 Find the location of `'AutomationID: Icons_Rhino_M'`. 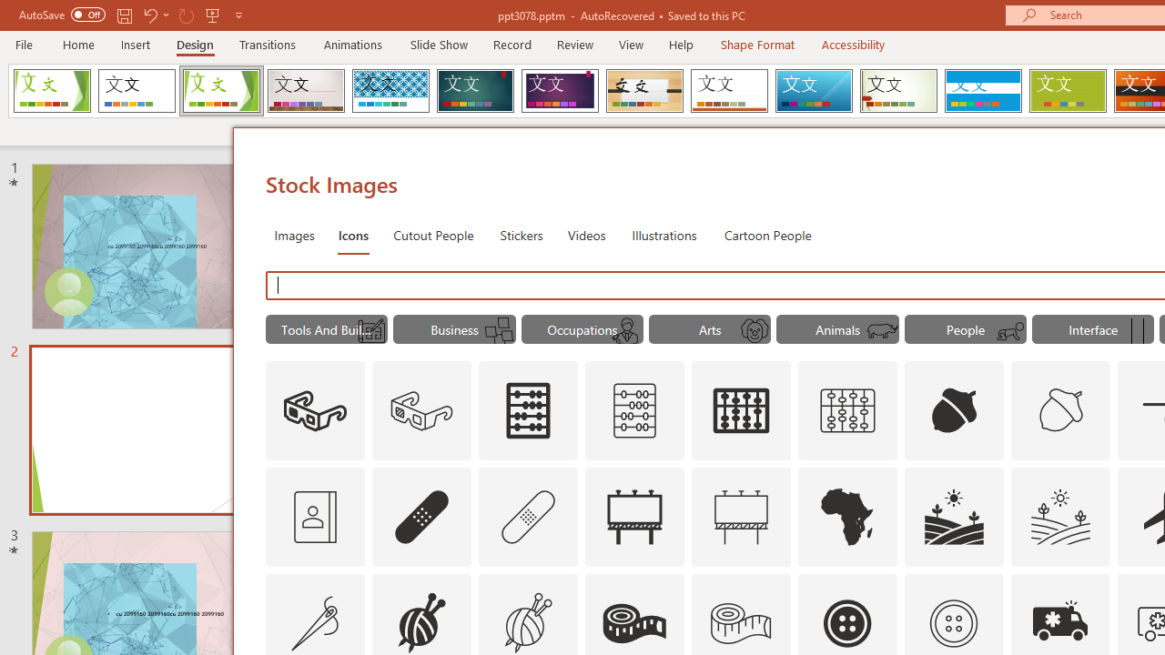

'AutomationID: Icons_Rhino_M' is located at coordinates (883, 331).